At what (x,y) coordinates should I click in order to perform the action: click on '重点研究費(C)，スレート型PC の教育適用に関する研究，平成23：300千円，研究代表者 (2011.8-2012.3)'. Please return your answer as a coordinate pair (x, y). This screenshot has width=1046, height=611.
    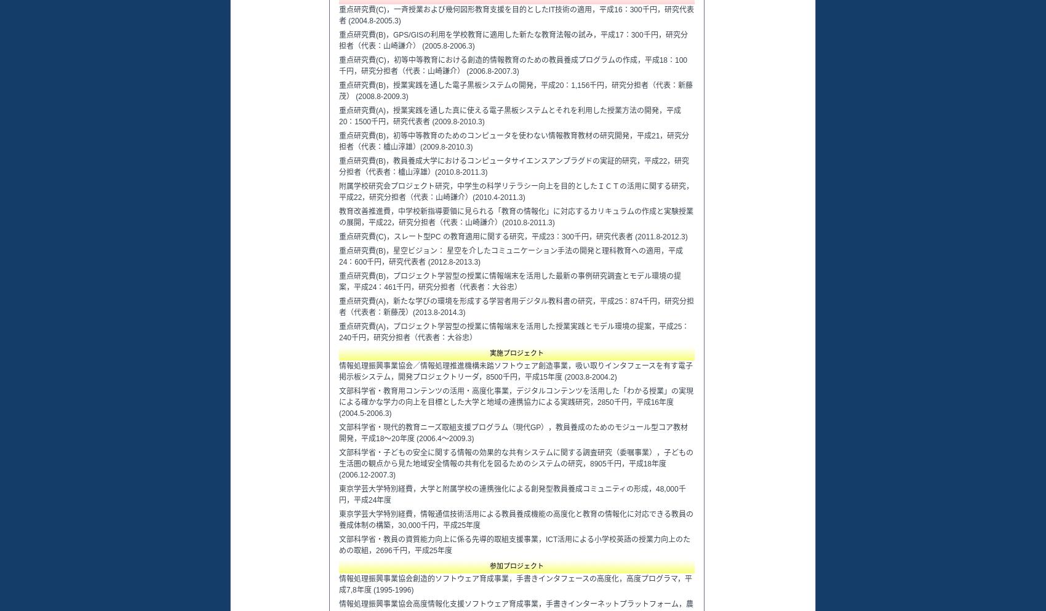
    Looking at the image, I should click on (513, 236).